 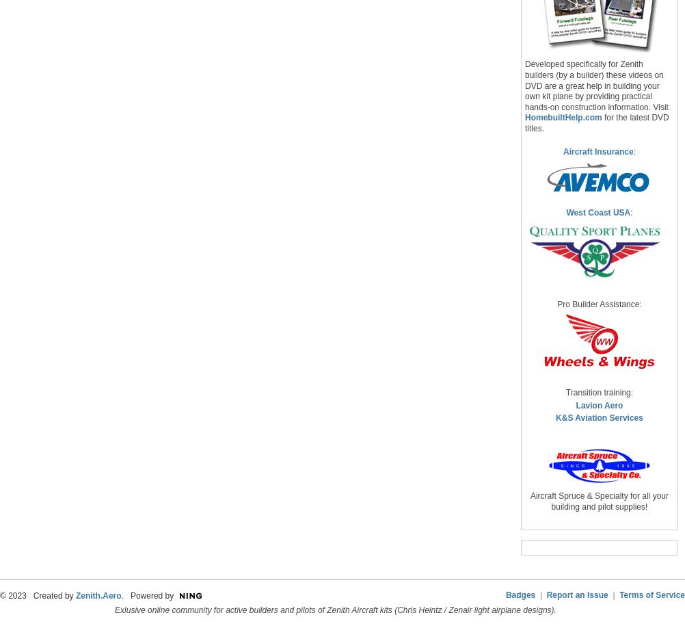 What do you see at coordinates (556, 303) in the screenshot?
I see `'Pro Builder Assistance:'` at bounding box center [556, 303].